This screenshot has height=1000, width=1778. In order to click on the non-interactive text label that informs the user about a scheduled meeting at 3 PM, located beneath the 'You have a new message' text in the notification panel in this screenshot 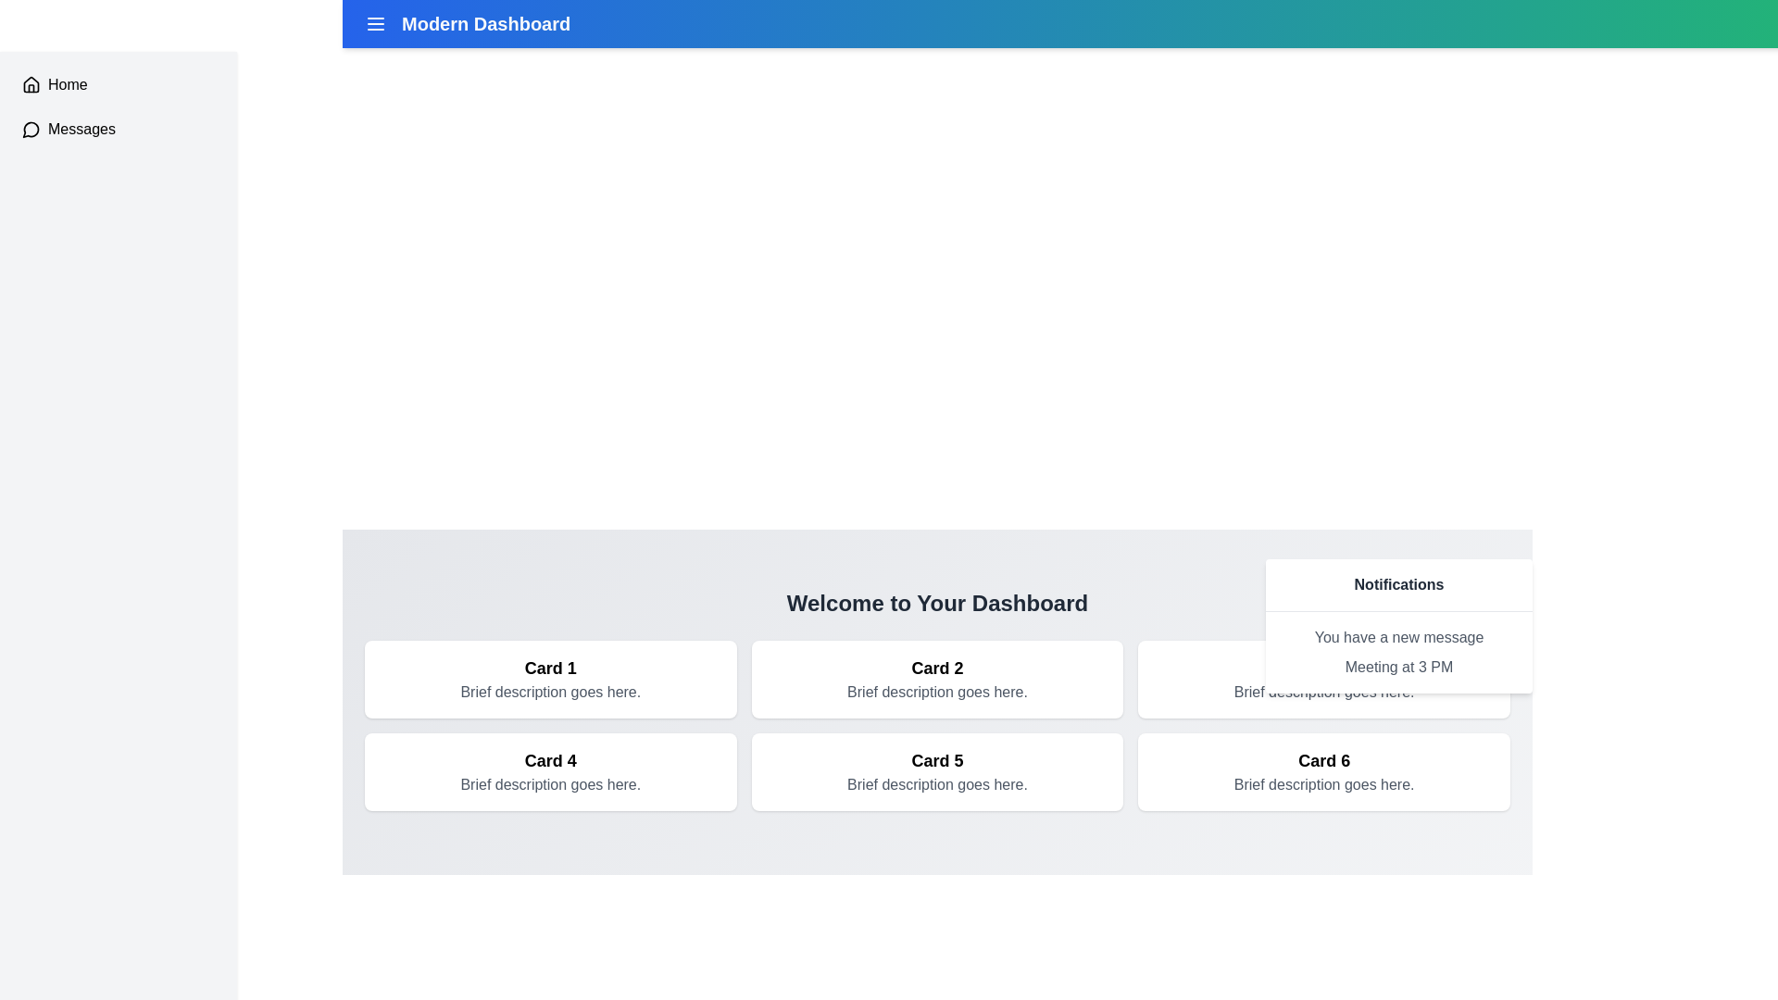, I will do `click(1399, 668)`.